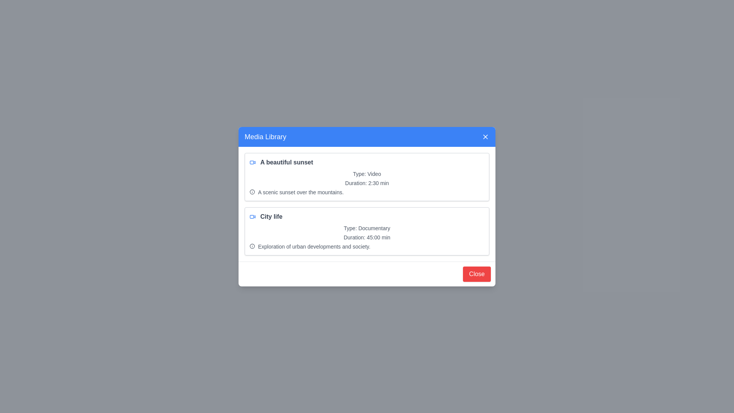 The width and height of the screenshot is (734, 413). Describe the element at coordinates (253, 216) in the screenshot. I see `the video content icon located to the left of the 'City life' text within the second card of the 'Media Library' popup` at that location.